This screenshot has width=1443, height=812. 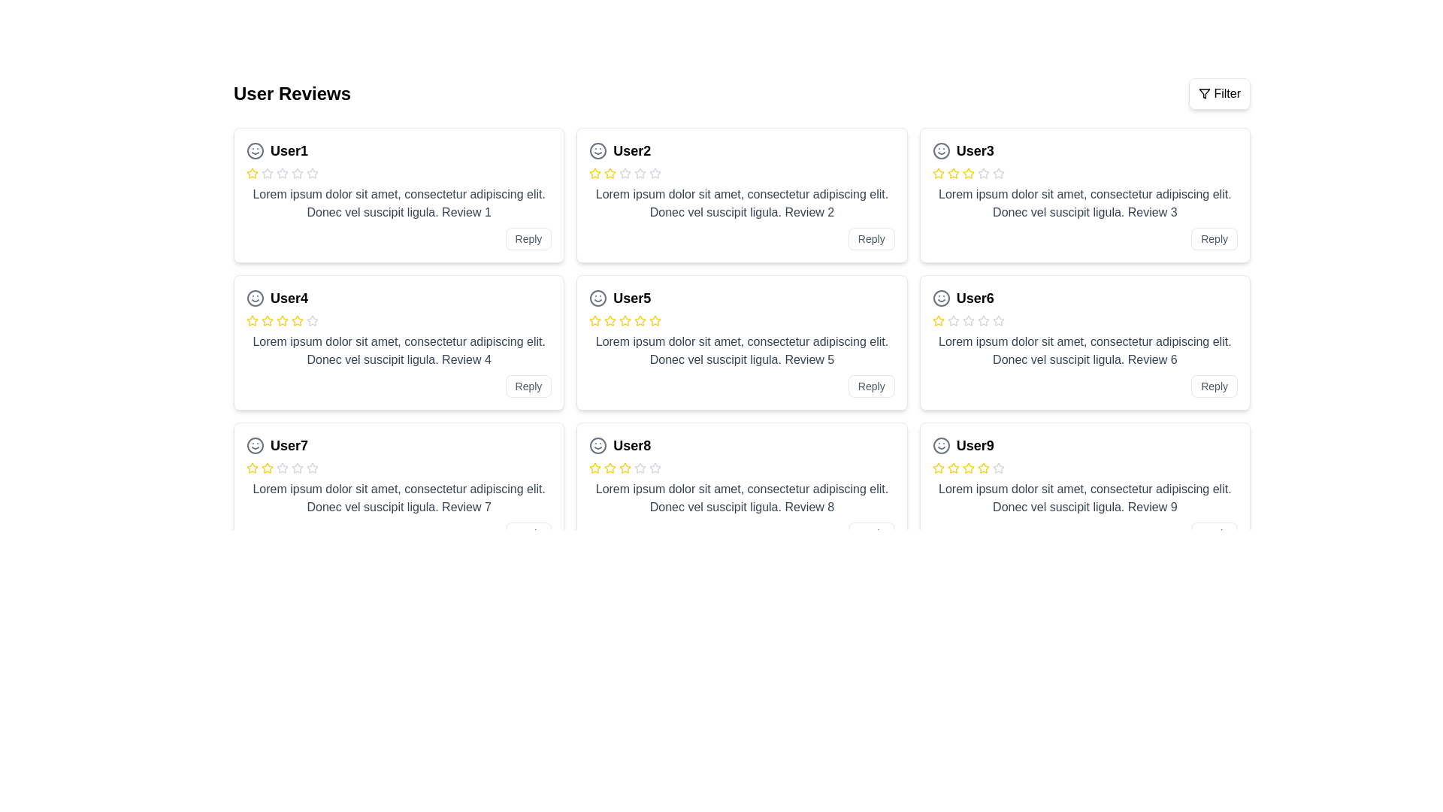 I want to click on the fifth star-shaped icon with a yellow outline and a hollow center in the user review card labeled 'User9', located in the bottom-right corner of the user reviews grid, so click(x=968, y=468).